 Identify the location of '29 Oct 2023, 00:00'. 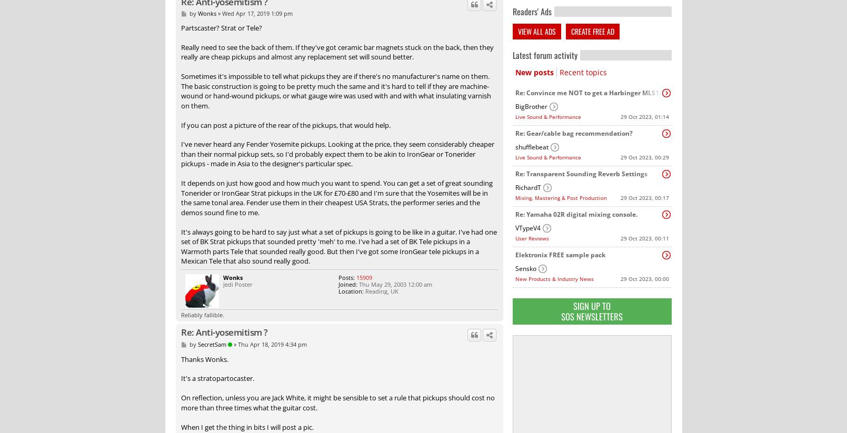
(620, 278).